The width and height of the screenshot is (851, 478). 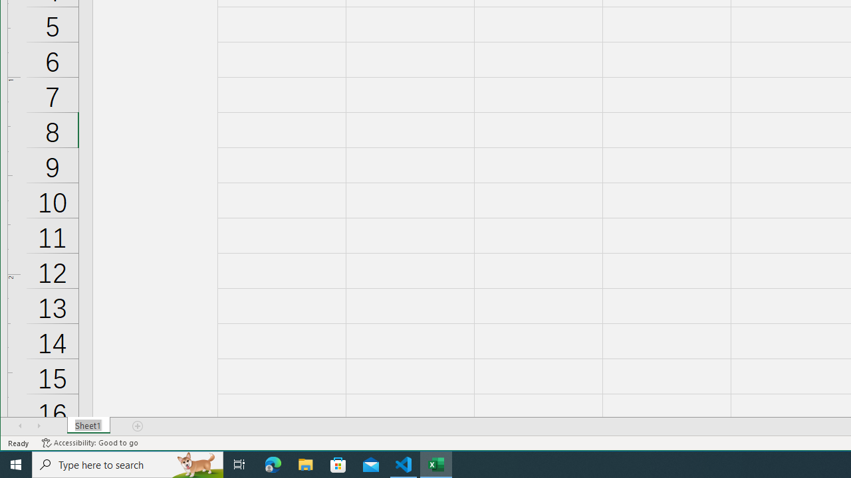 I want to click on 'Search highlights icon opens search home window', so click(x=195, y=463).